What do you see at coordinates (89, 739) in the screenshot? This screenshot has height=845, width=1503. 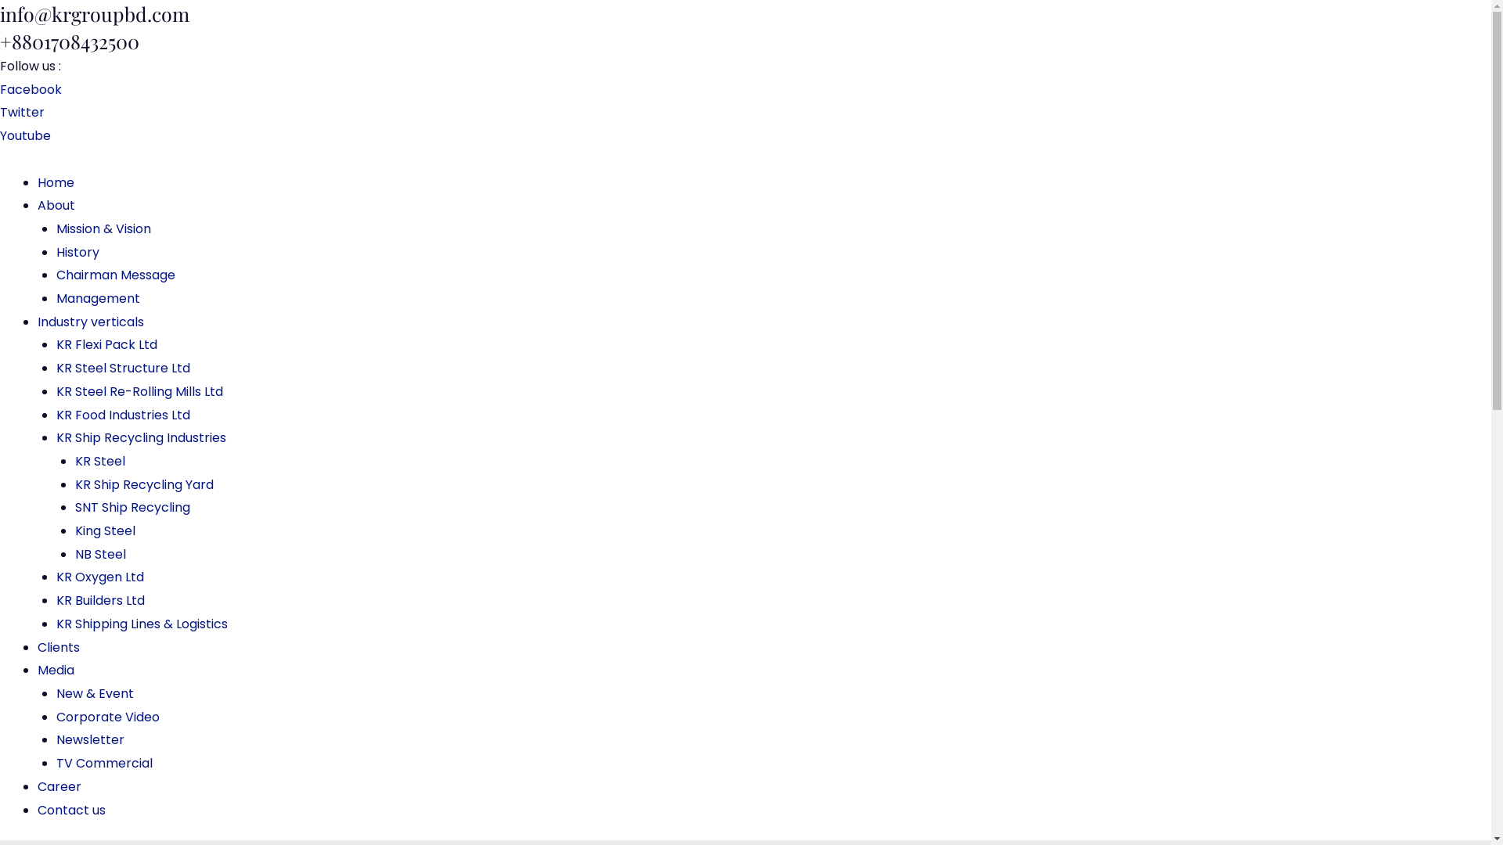 I see `'Newsletter'` at bounding box center [89, 739].